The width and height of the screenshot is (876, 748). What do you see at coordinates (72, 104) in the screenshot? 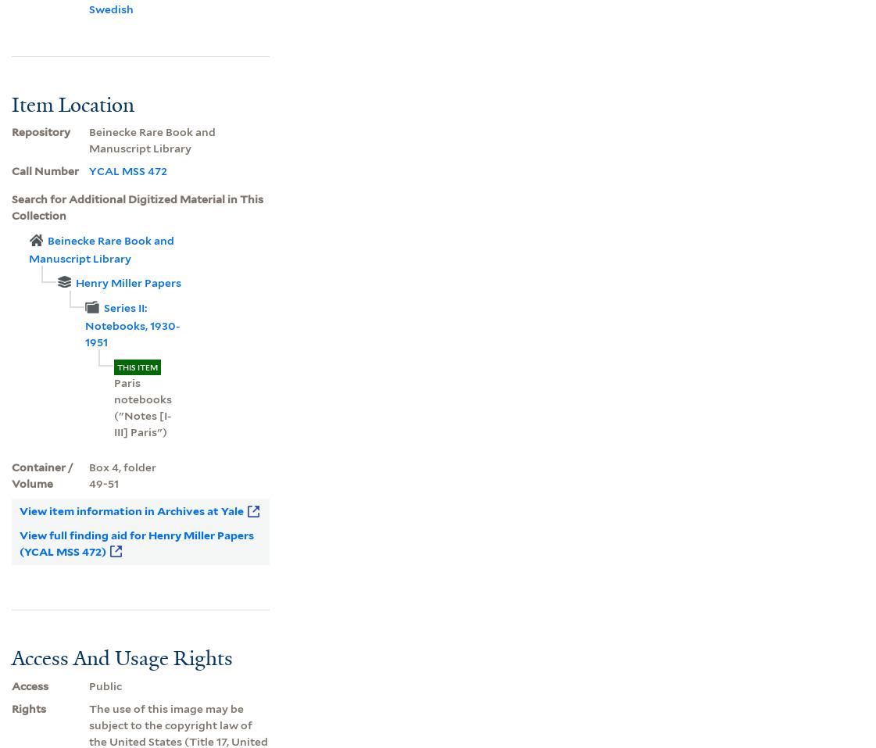
I see `'Item Location'` at bounding box center [72, 104].